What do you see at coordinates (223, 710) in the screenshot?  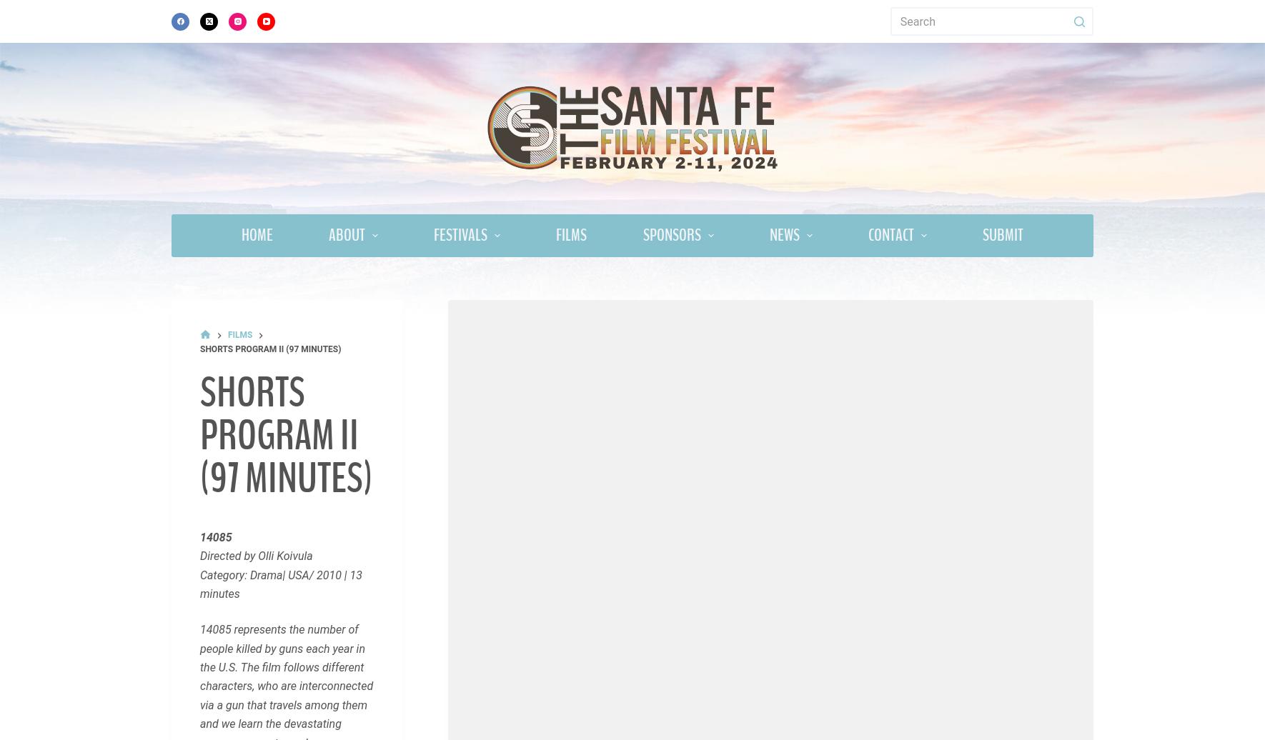 I see `'Name'` at bounding box center [223, 710].